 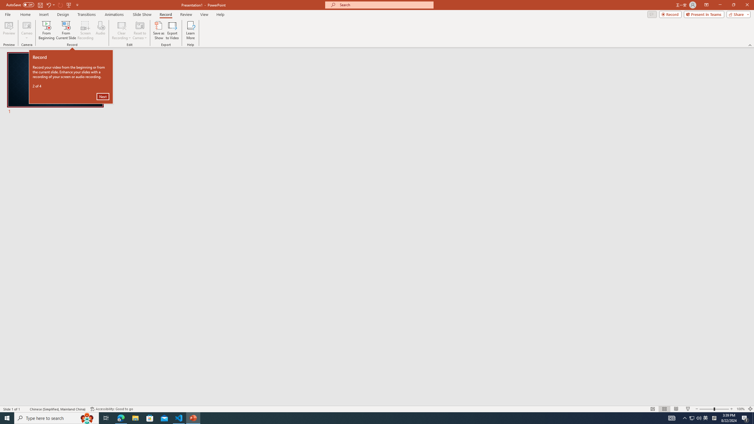 What do you see at coordinates (9, 30) in the screenshot?
I see `'Preview'` at bounding box center [9, 30].